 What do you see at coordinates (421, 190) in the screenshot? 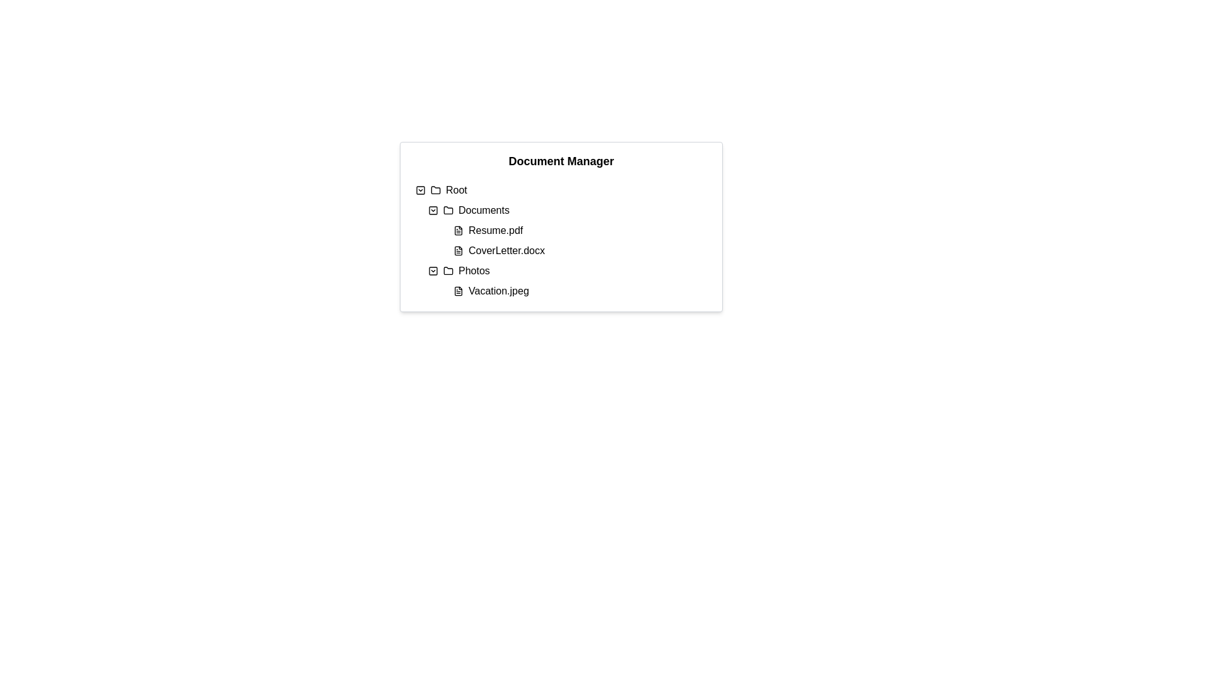
I see `the SVG Shape (Rounded Rectangle) that serves as a graphical representation within an icon next to the 'Root' folder in the hierarchical document menu` at bounding box center [421, 190].